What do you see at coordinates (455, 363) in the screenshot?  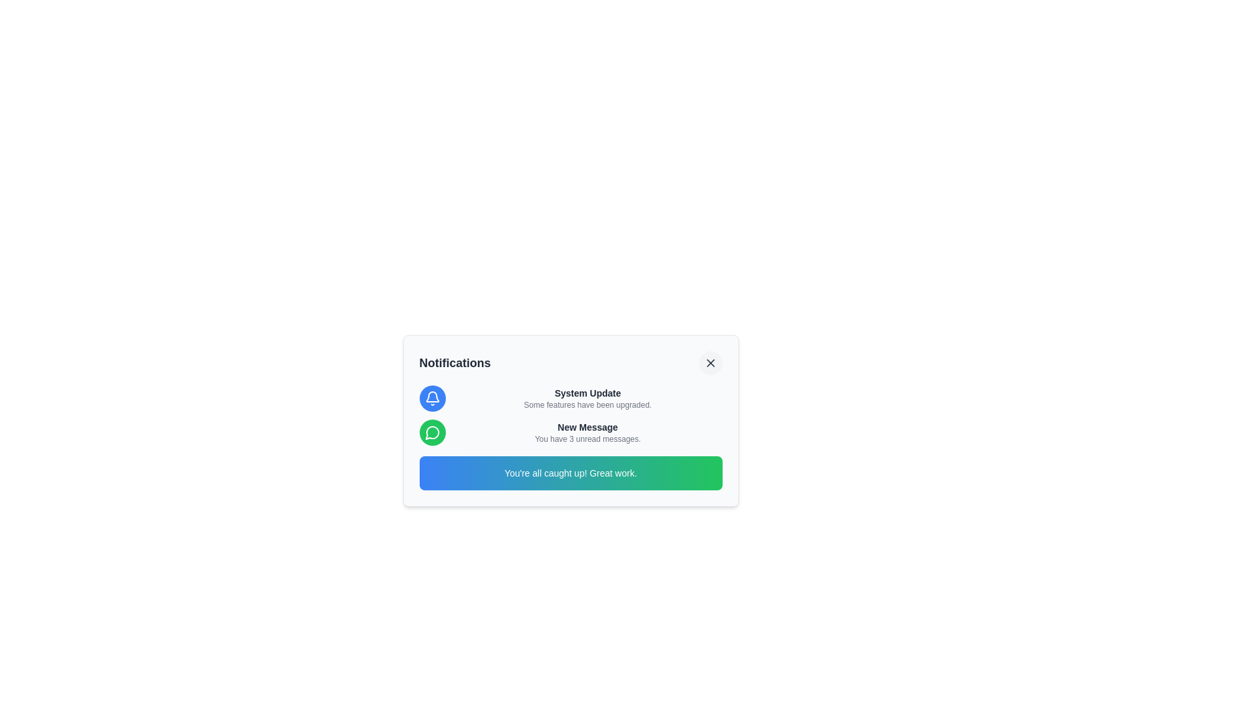 I see `the bold text label displaying 'Notifications' positioned in the top left of the card-like UI component` at bounding box center [455, 363].